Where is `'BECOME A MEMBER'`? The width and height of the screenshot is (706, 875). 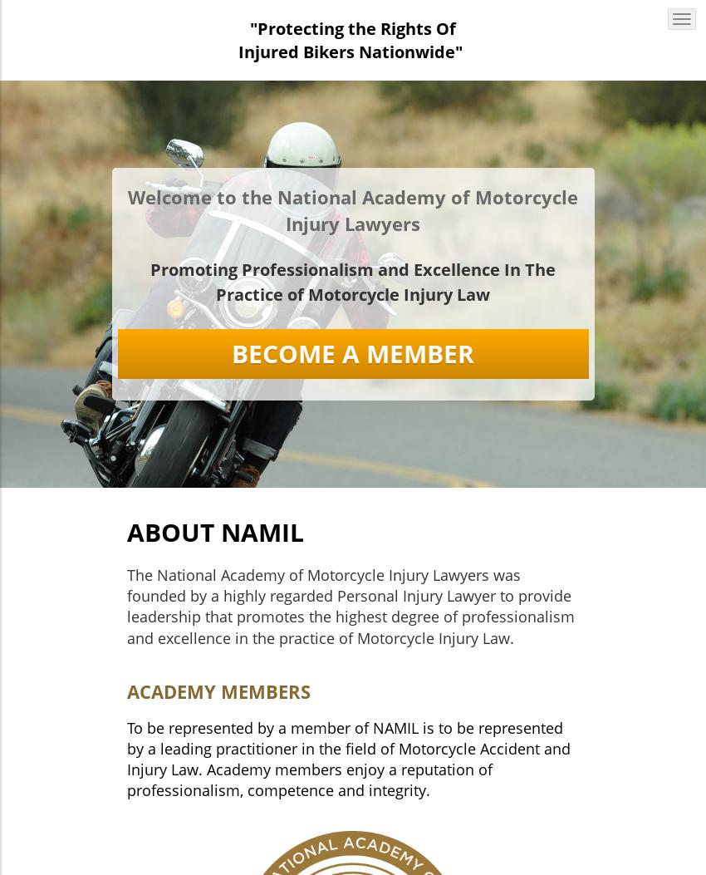 'BECOME A MEMBER' is located at coordinates (353, 353).